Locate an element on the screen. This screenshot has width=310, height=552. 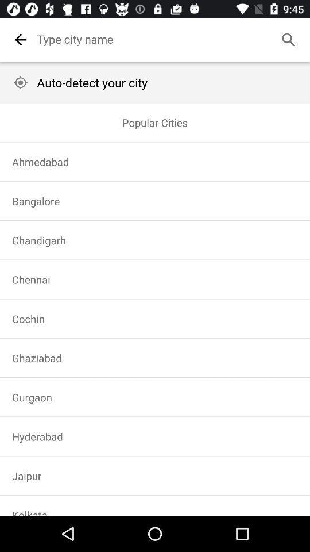
city name is located at coordinates (169, 39).